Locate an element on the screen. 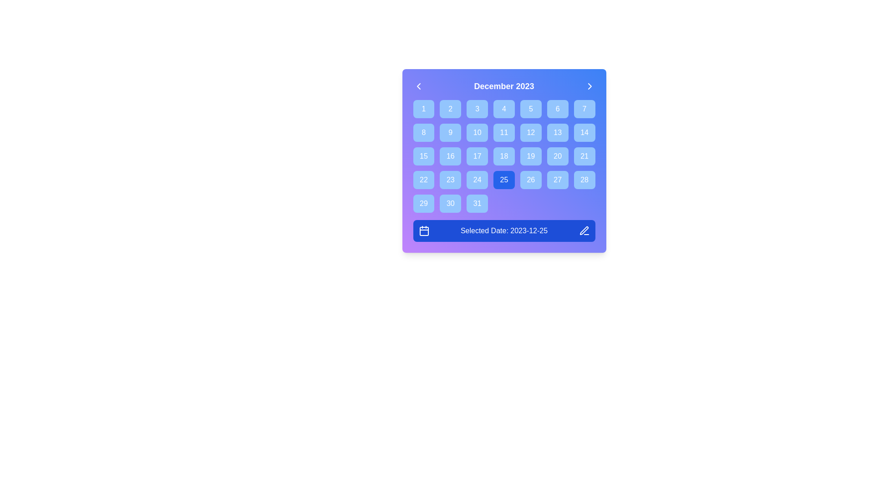 The width and height of the screenshot is (874, 491). keyboard navigation is located at coordinates (557, 133).